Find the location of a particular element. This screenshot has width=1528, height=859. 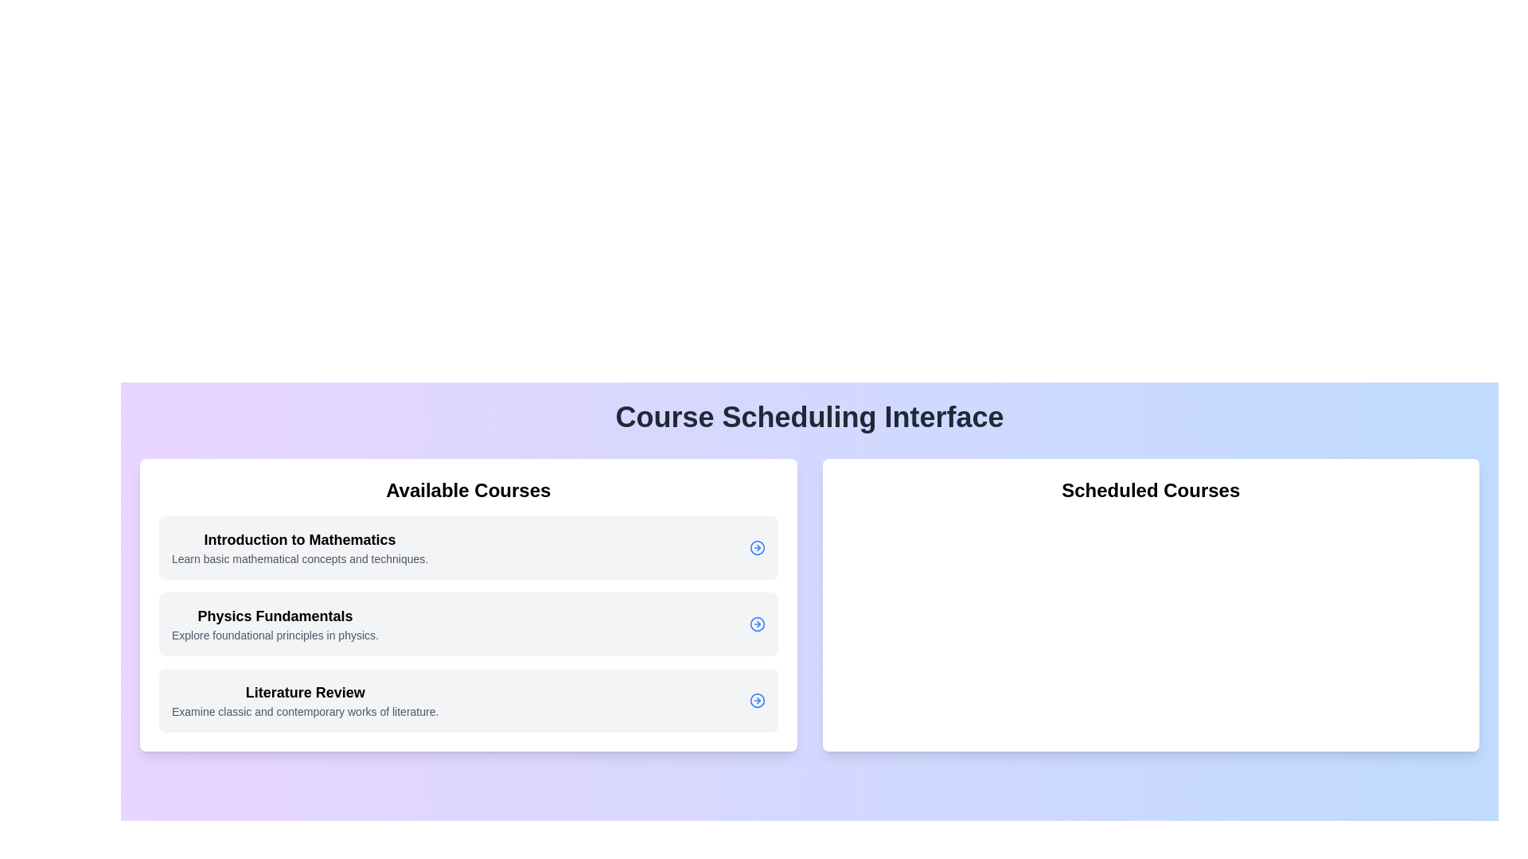

section title text indicating the purpose of the 'Scheduled Courses' section, which is located at the top of the right-hand section of the interface is located at coordinates (1151, 490).